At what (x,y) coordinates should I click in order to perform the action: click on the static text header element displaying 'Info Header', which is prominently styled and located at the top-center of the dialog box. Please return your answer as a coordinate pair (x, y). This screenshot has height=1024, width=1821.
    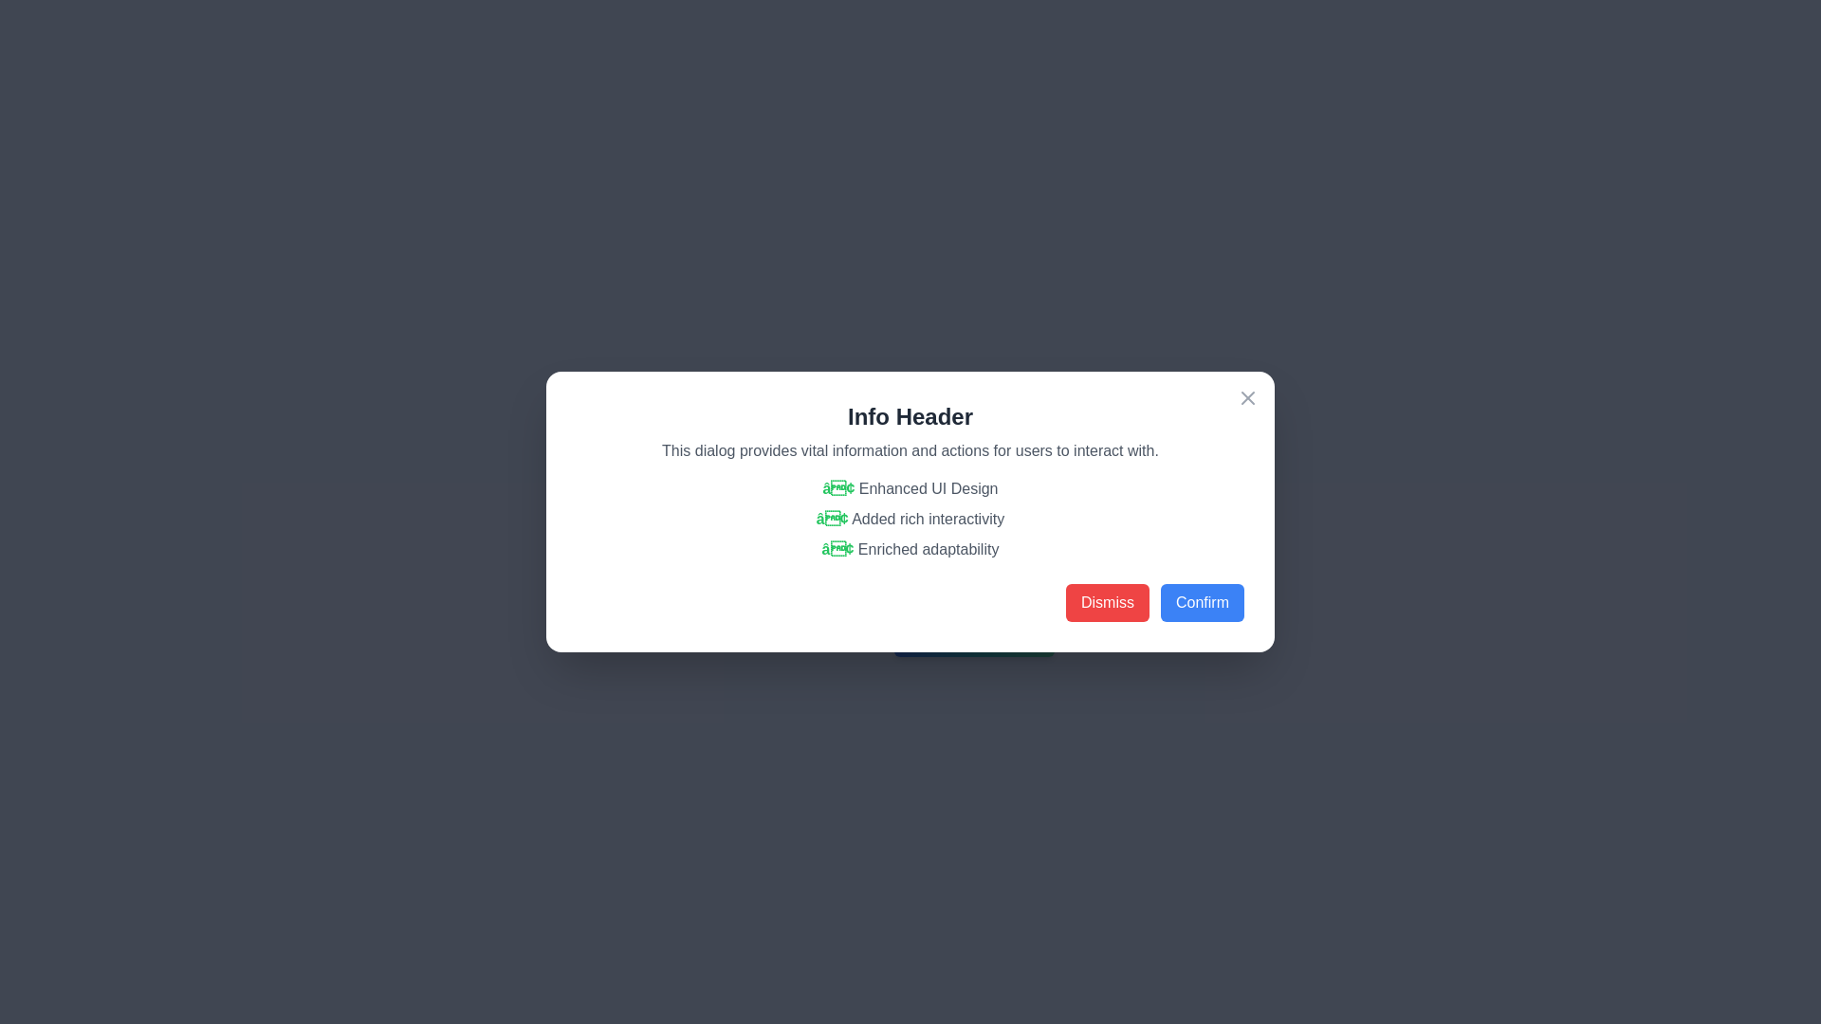
    Looking at the image, I should click on (910, 415).